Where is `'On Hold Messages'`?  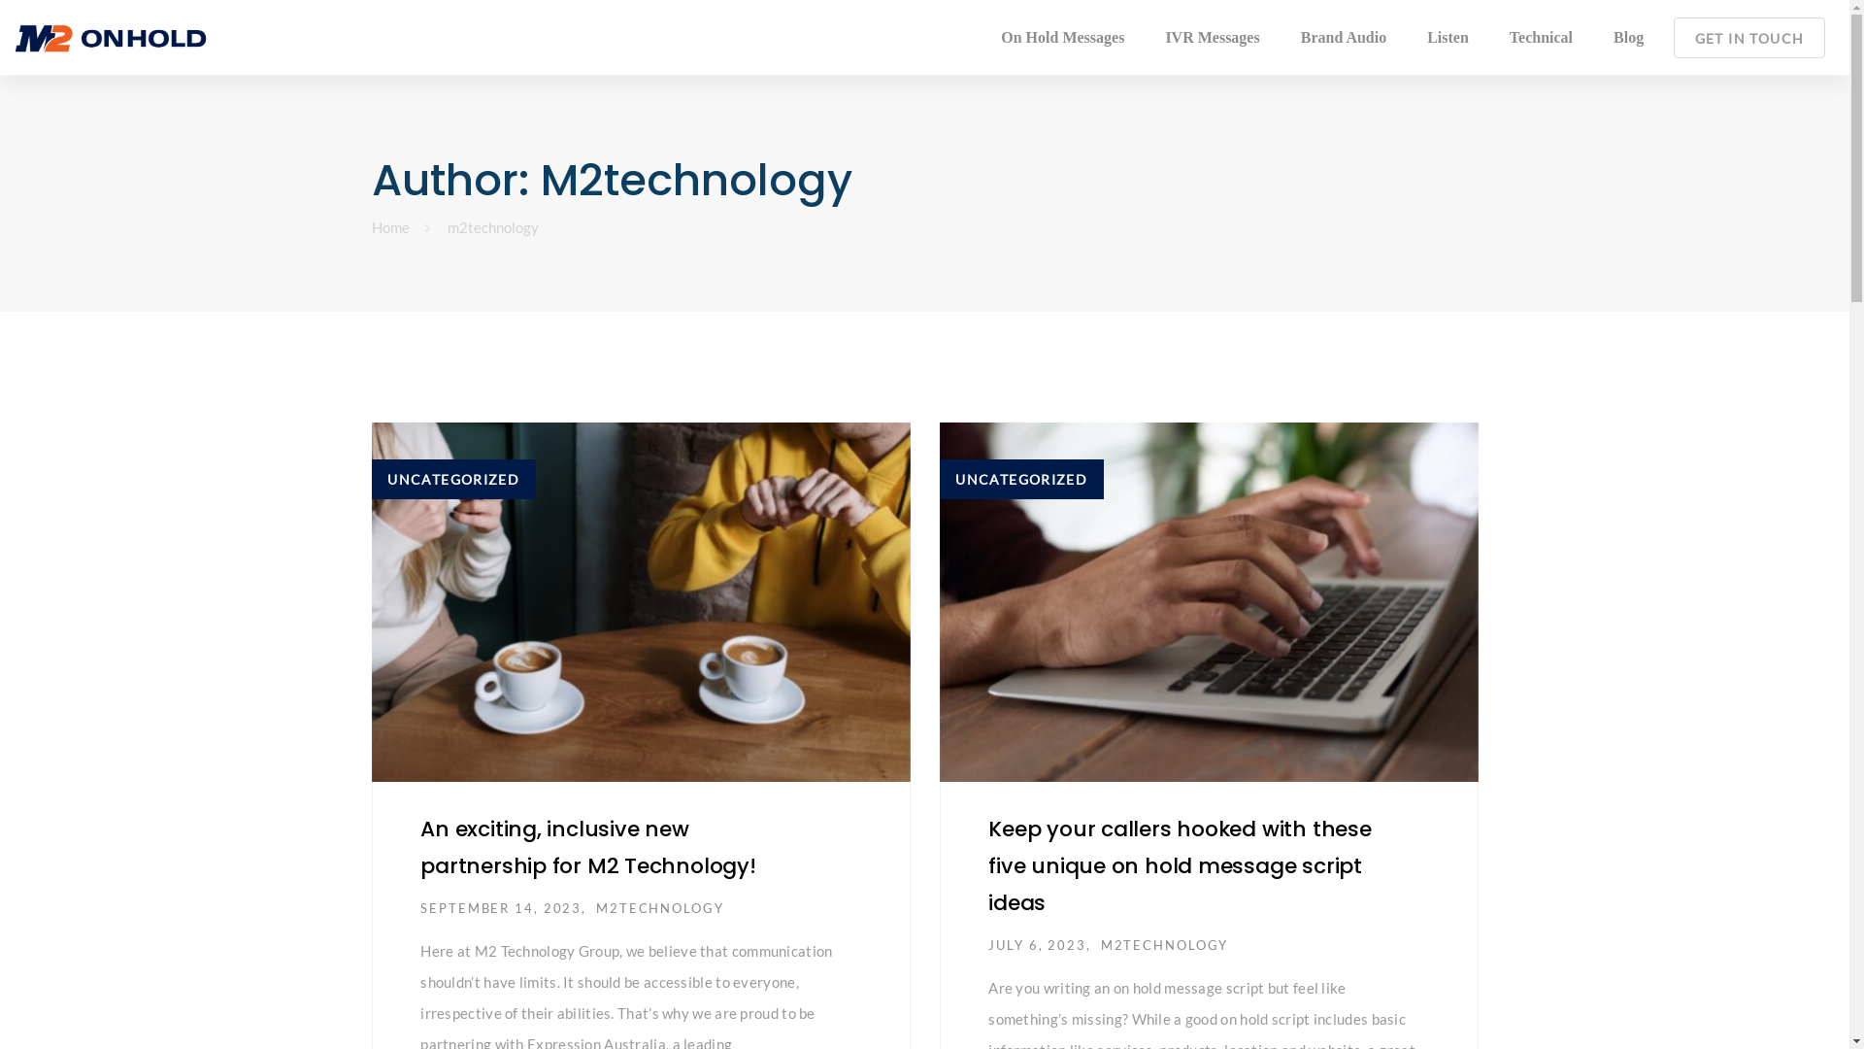 'On Hold Messages' is located at coordinates (1061, 37).